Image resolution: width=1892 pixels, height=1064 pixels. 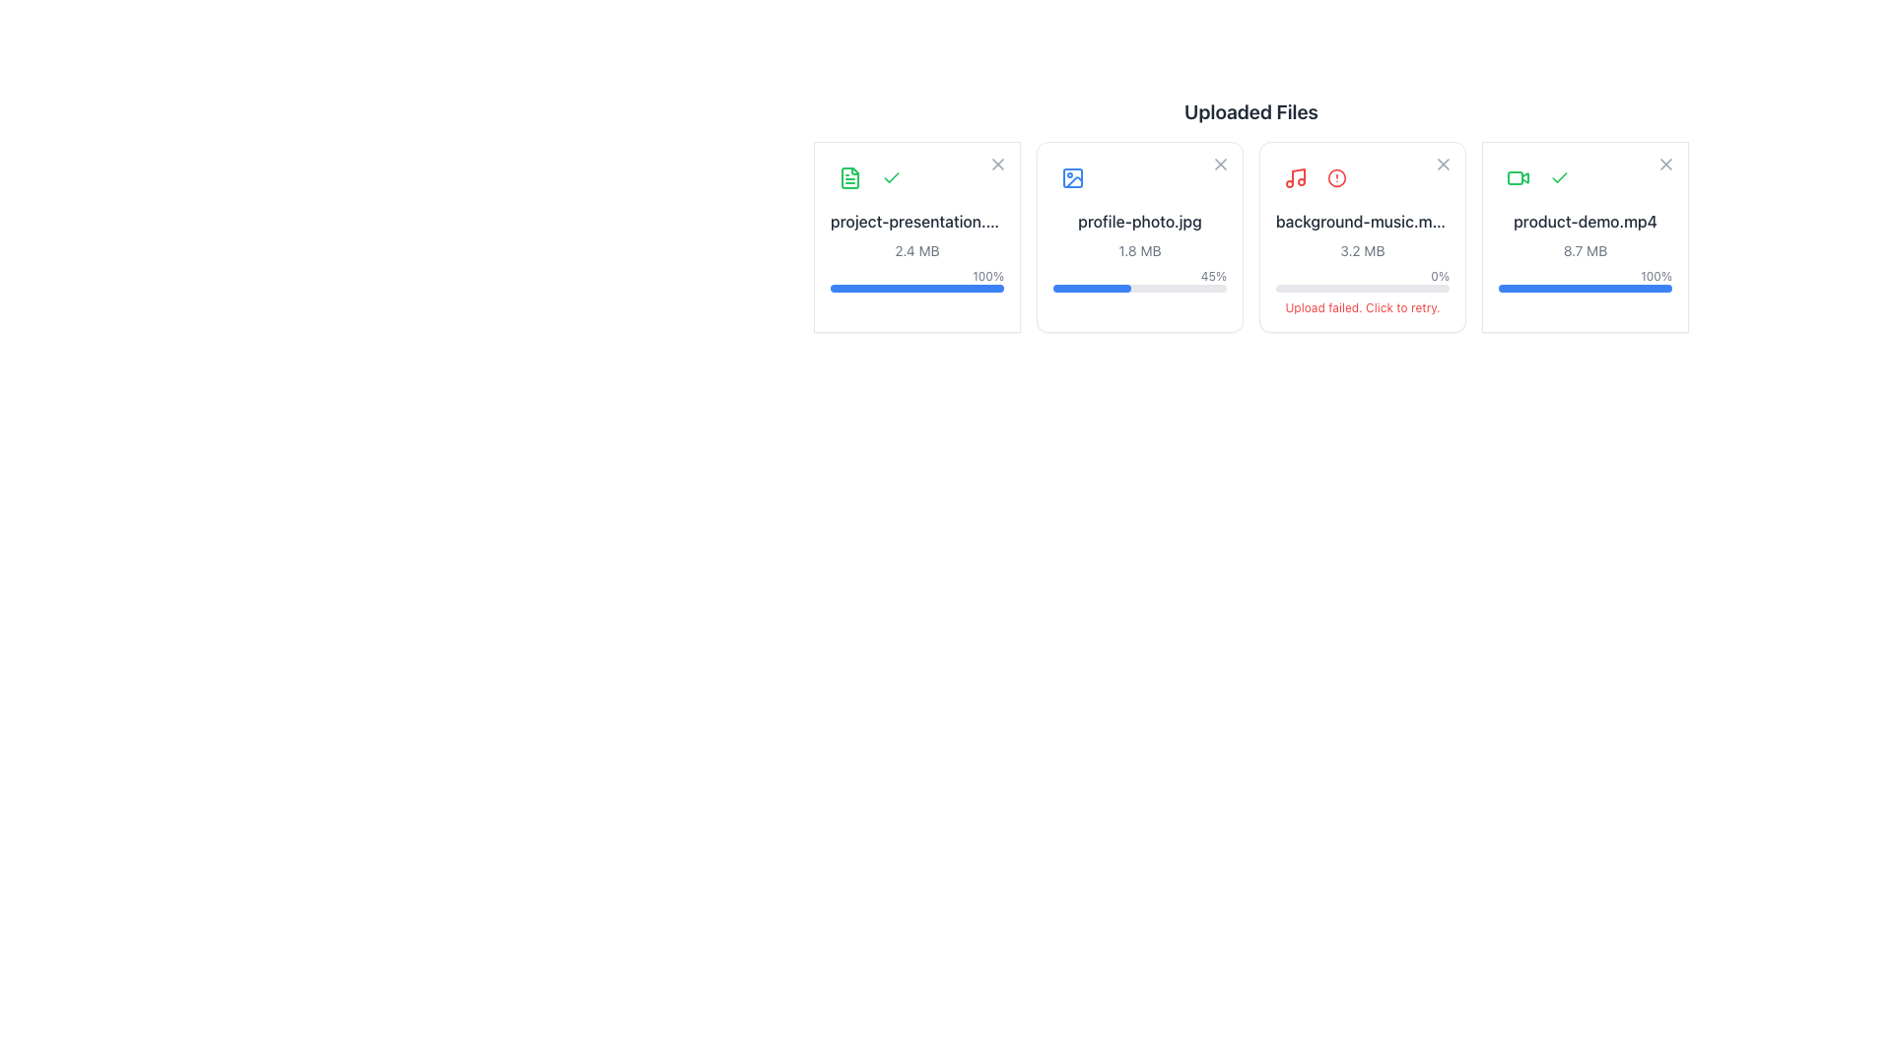 I want to click on progress bar value, so click(x=1124, y=289).